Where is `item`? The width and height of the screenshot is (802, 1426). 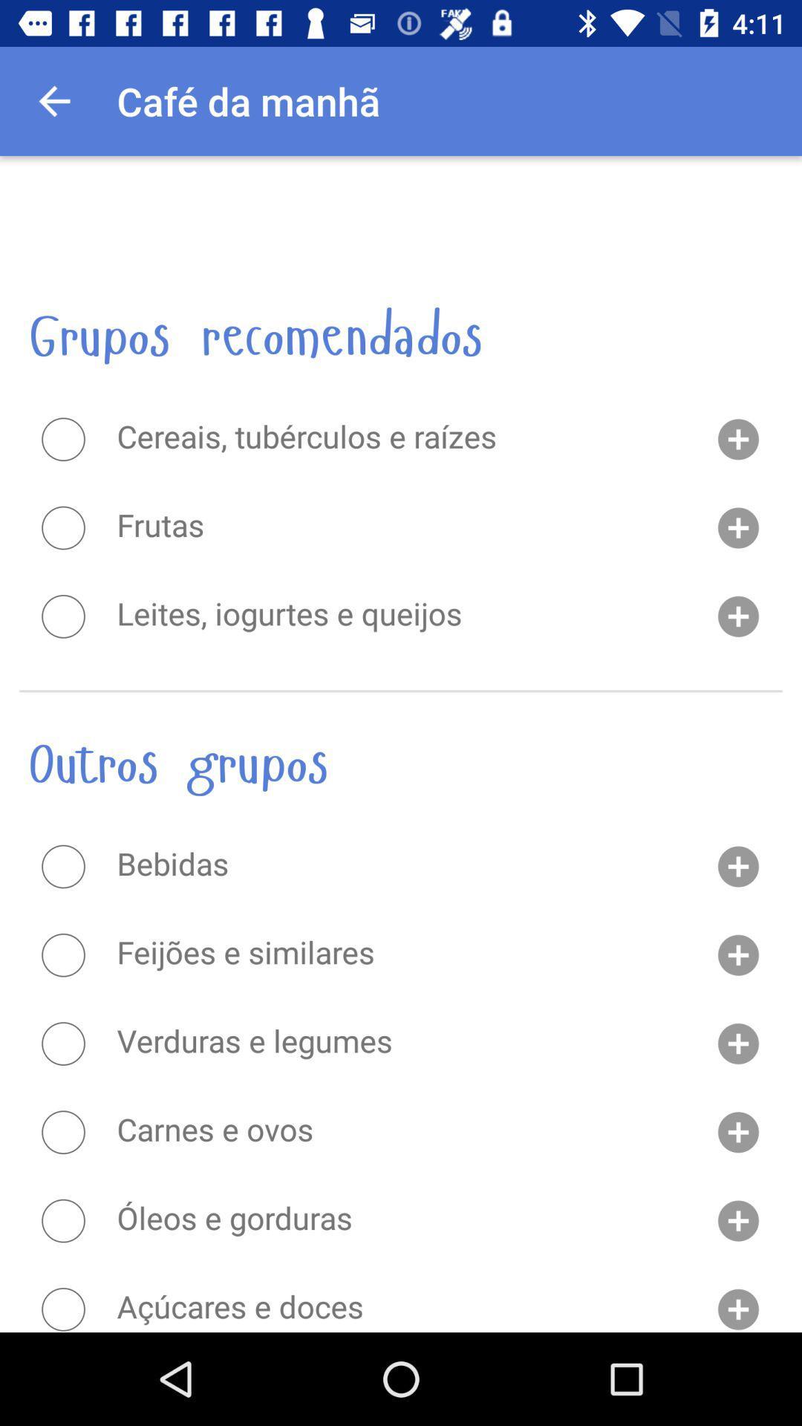
item is located at coordinates (62, 866).